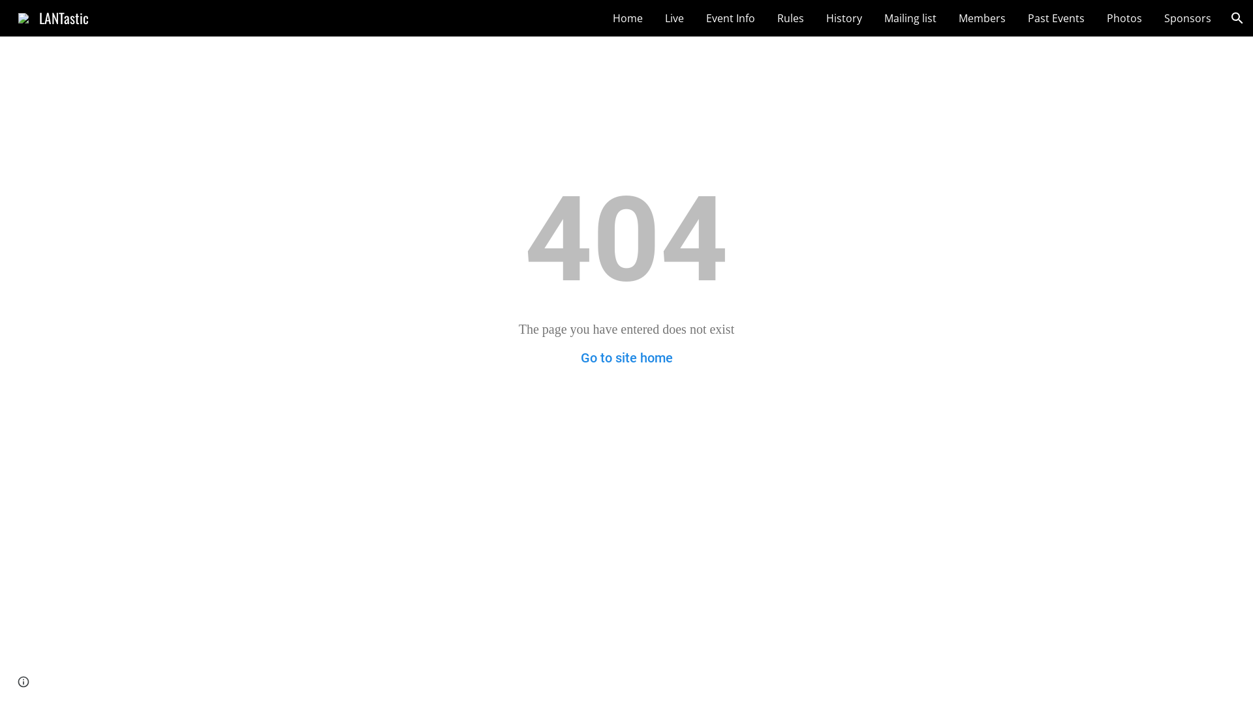 The height and width of the screenshot is (704, 1253). What do you see at coordinates (606, 18) in the screenshot?
I see `'Home'` at bounding box center [606, 18].